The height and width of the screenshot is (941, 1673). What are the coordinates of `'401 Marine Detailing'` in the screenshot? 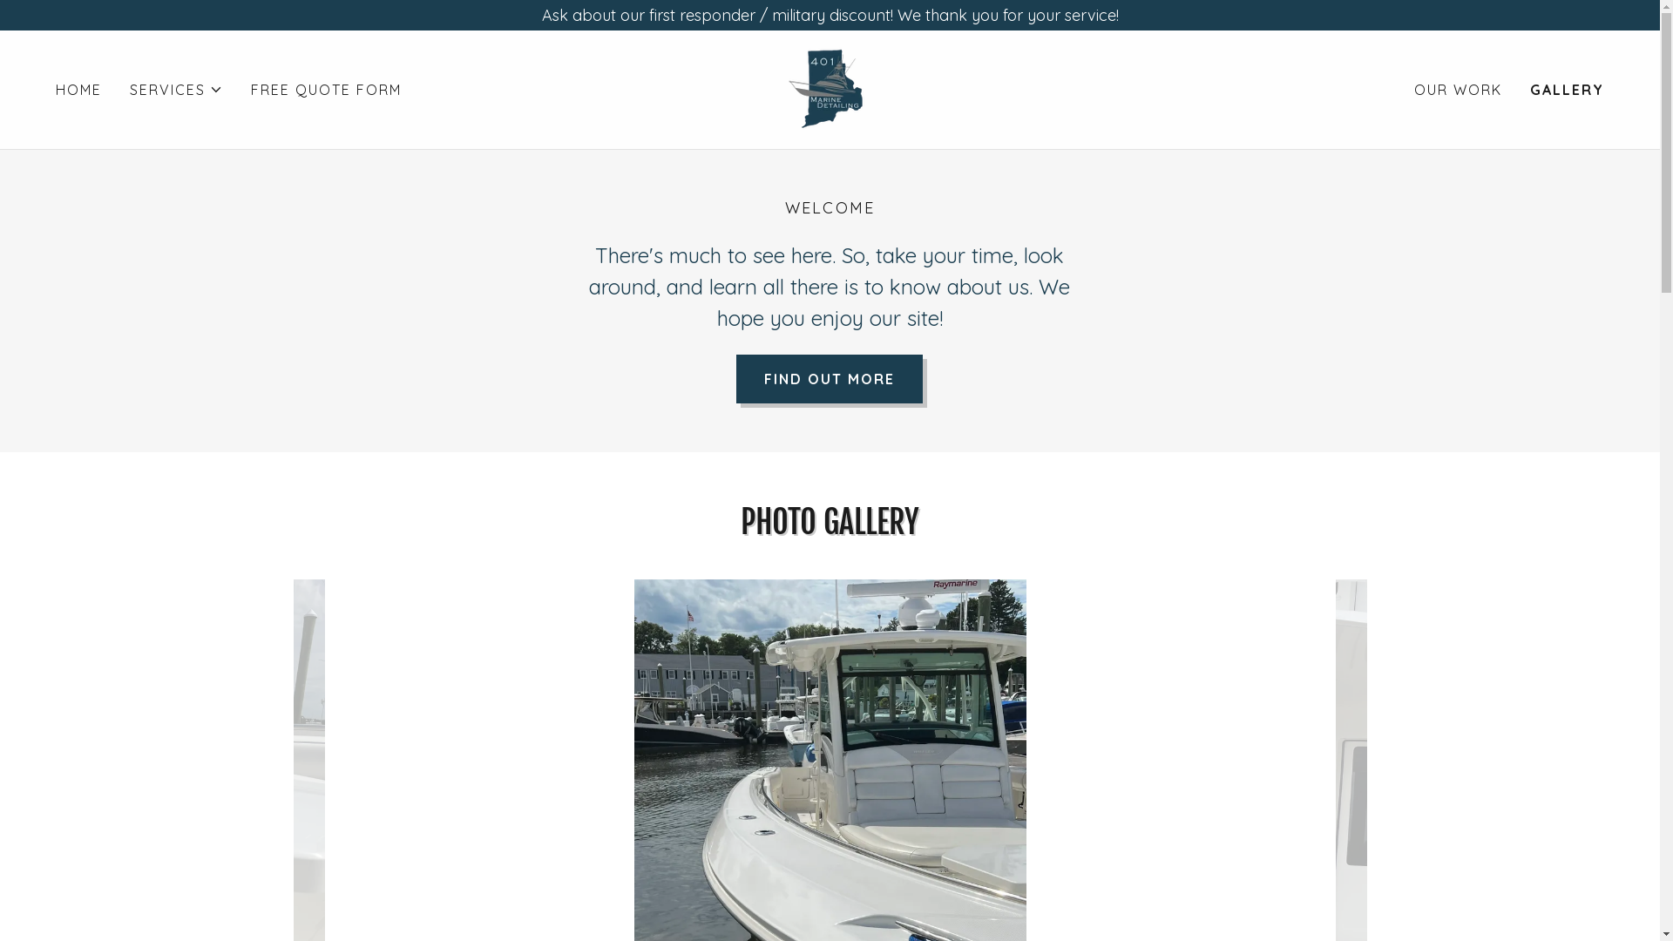 It's located at (828, 88).